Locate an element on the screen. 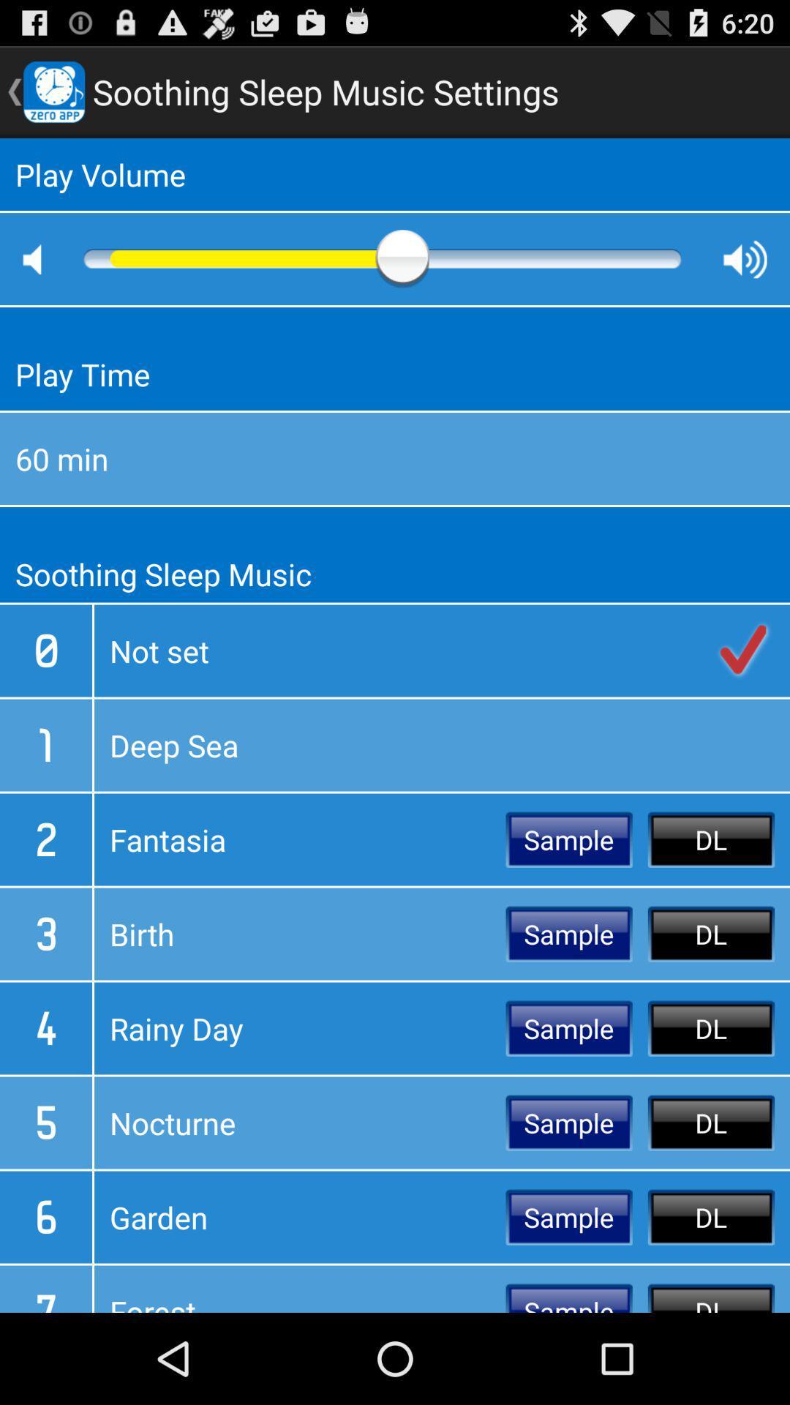 The image size is (790, 1405). icon to the left of sample item is located at coordinates (299, 1217).